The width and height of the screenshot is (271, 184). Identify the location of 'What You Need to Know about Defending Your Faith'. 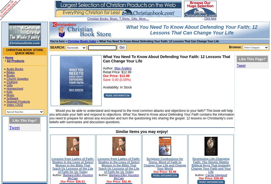
(160, 114).